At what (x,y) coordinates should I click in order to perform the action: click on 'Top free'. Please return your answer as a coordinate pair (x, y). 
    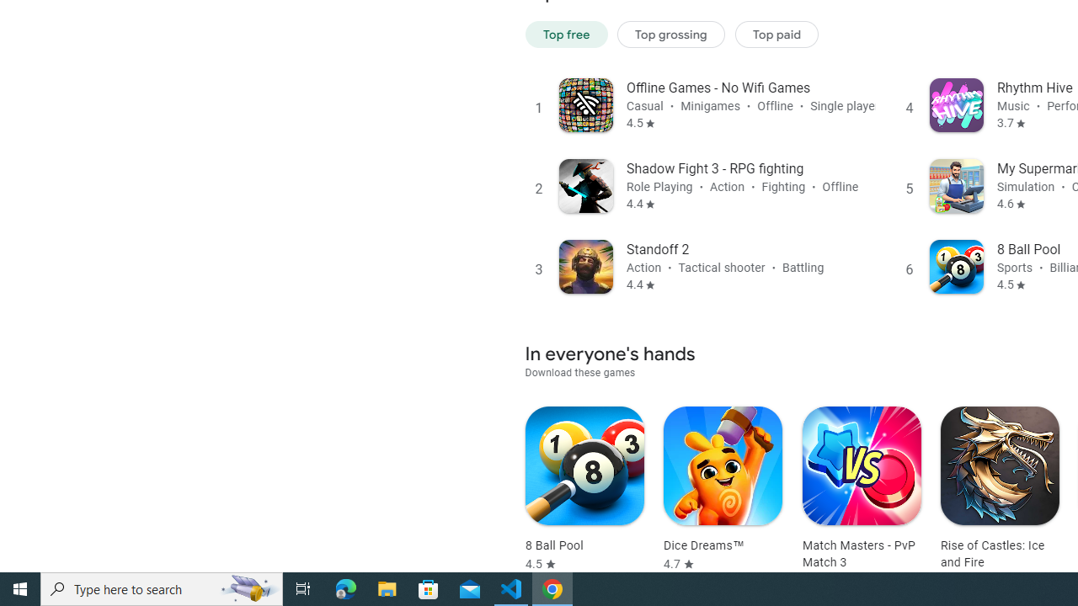
    Looking at the image, I should click on (566, 34).